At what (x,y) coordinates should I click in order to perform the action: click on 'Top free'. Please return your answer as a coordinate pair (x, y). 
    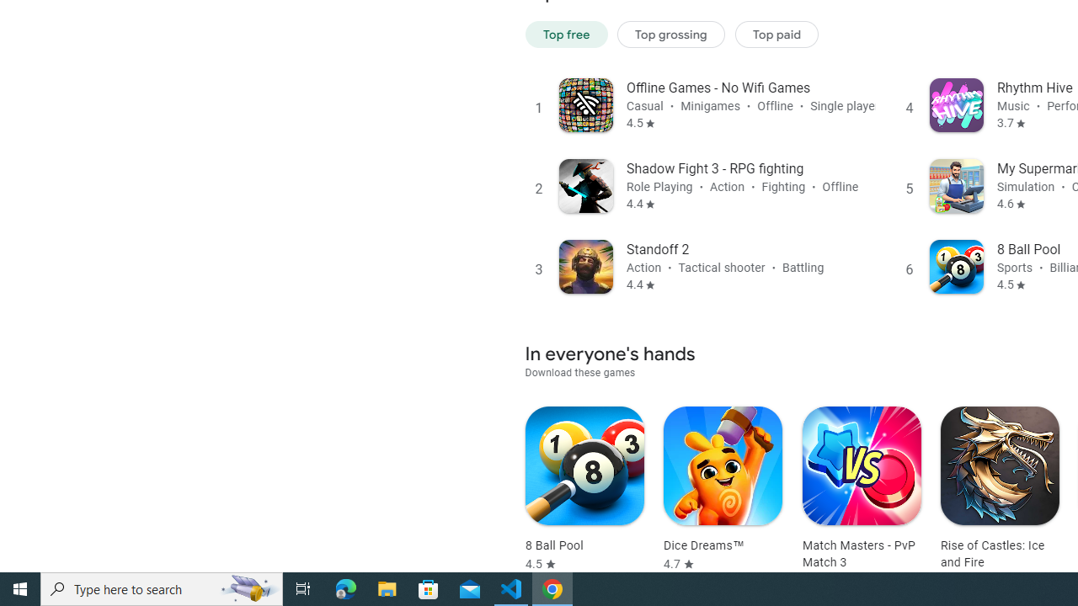
    Looking at the image, I should click on (566, 34).